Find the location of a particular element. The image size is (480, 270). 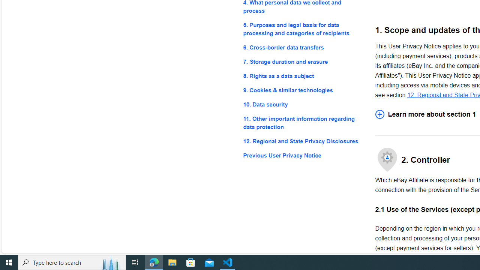

'10. Data security' is located at coordinates (303, 105).